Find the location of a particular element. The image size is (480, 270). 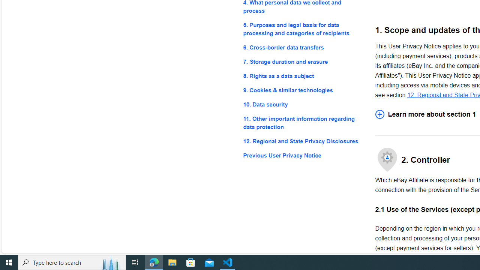

'10. Data security' is located at coordinates (303, 105).